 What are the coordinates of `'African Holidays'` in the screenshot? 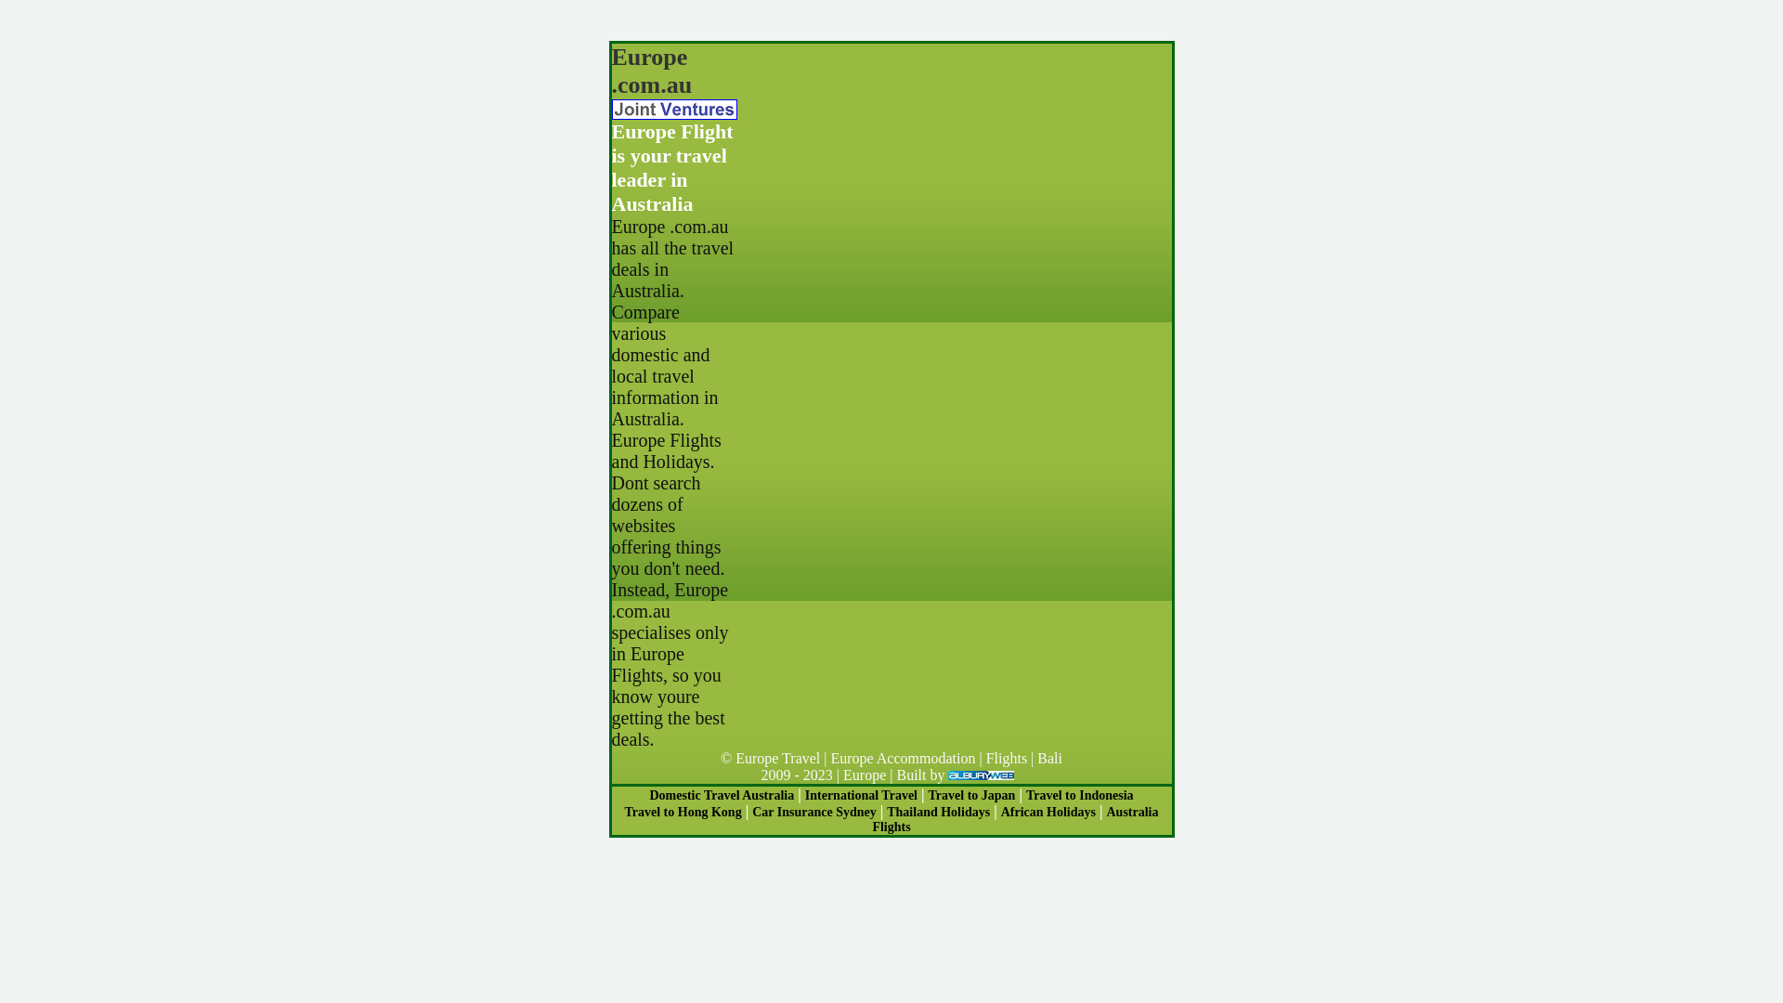 It's located at (1000, 811).